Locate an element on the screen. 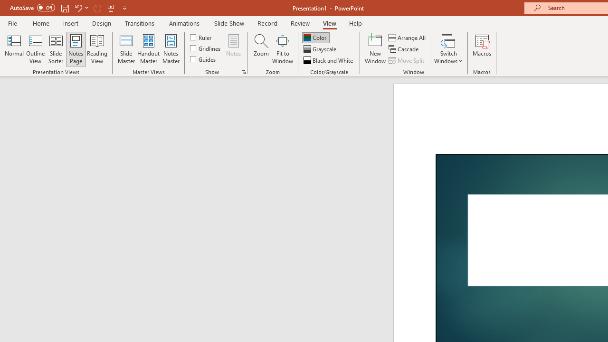 This screenshot has width=608, height=342. 'File Tab' is located at coordinates (12, 22).